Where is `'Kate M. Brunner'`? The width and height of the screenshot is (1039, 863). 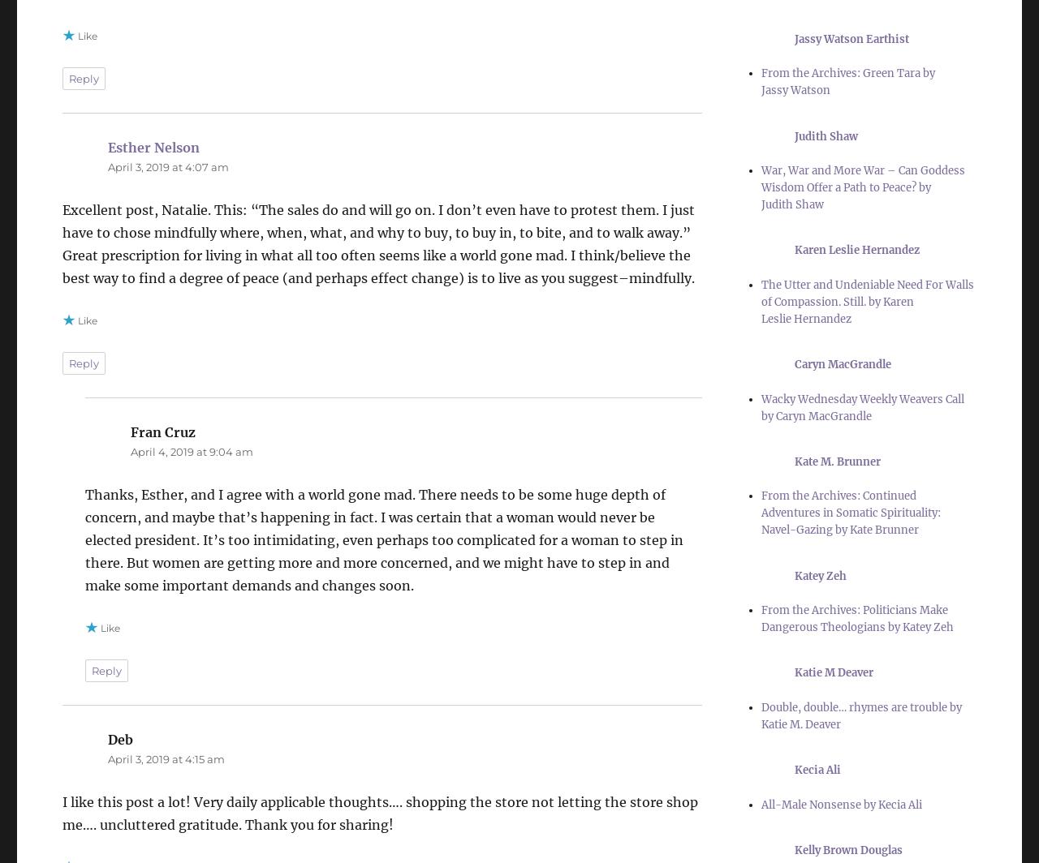
'Kate M. Brunner' is located at coordinates (838, 461).